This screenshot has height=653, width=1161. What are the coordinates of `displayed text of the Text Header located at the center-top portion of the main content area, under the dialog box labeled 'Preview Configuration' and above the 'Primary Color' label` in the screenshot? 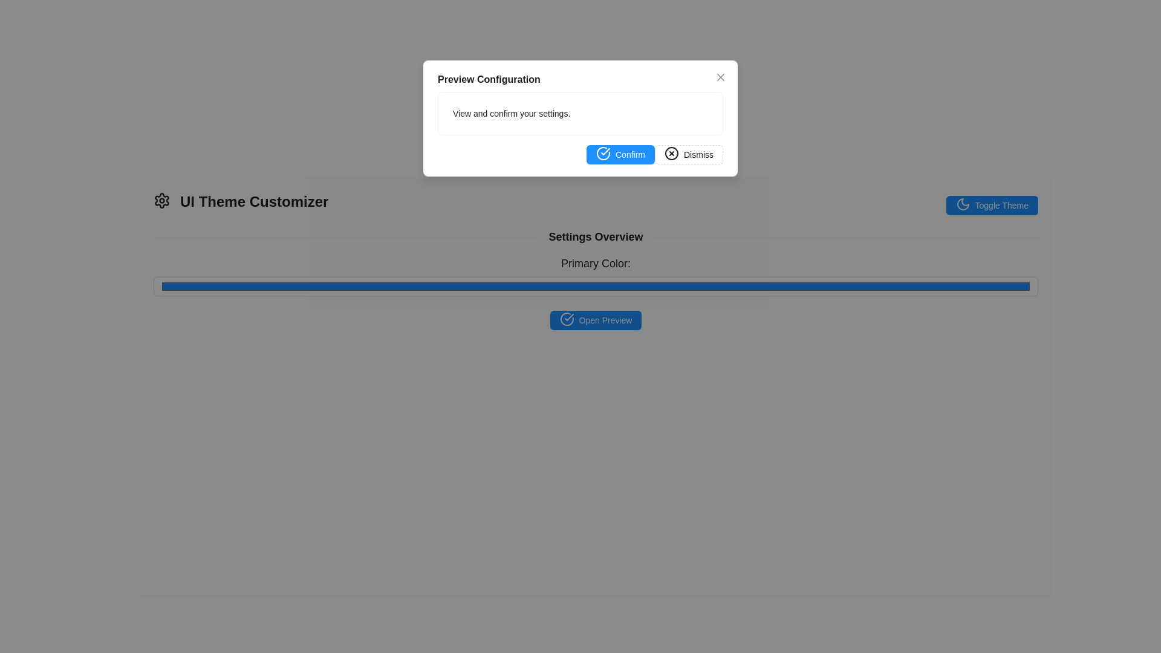 It's located at (596, 237).